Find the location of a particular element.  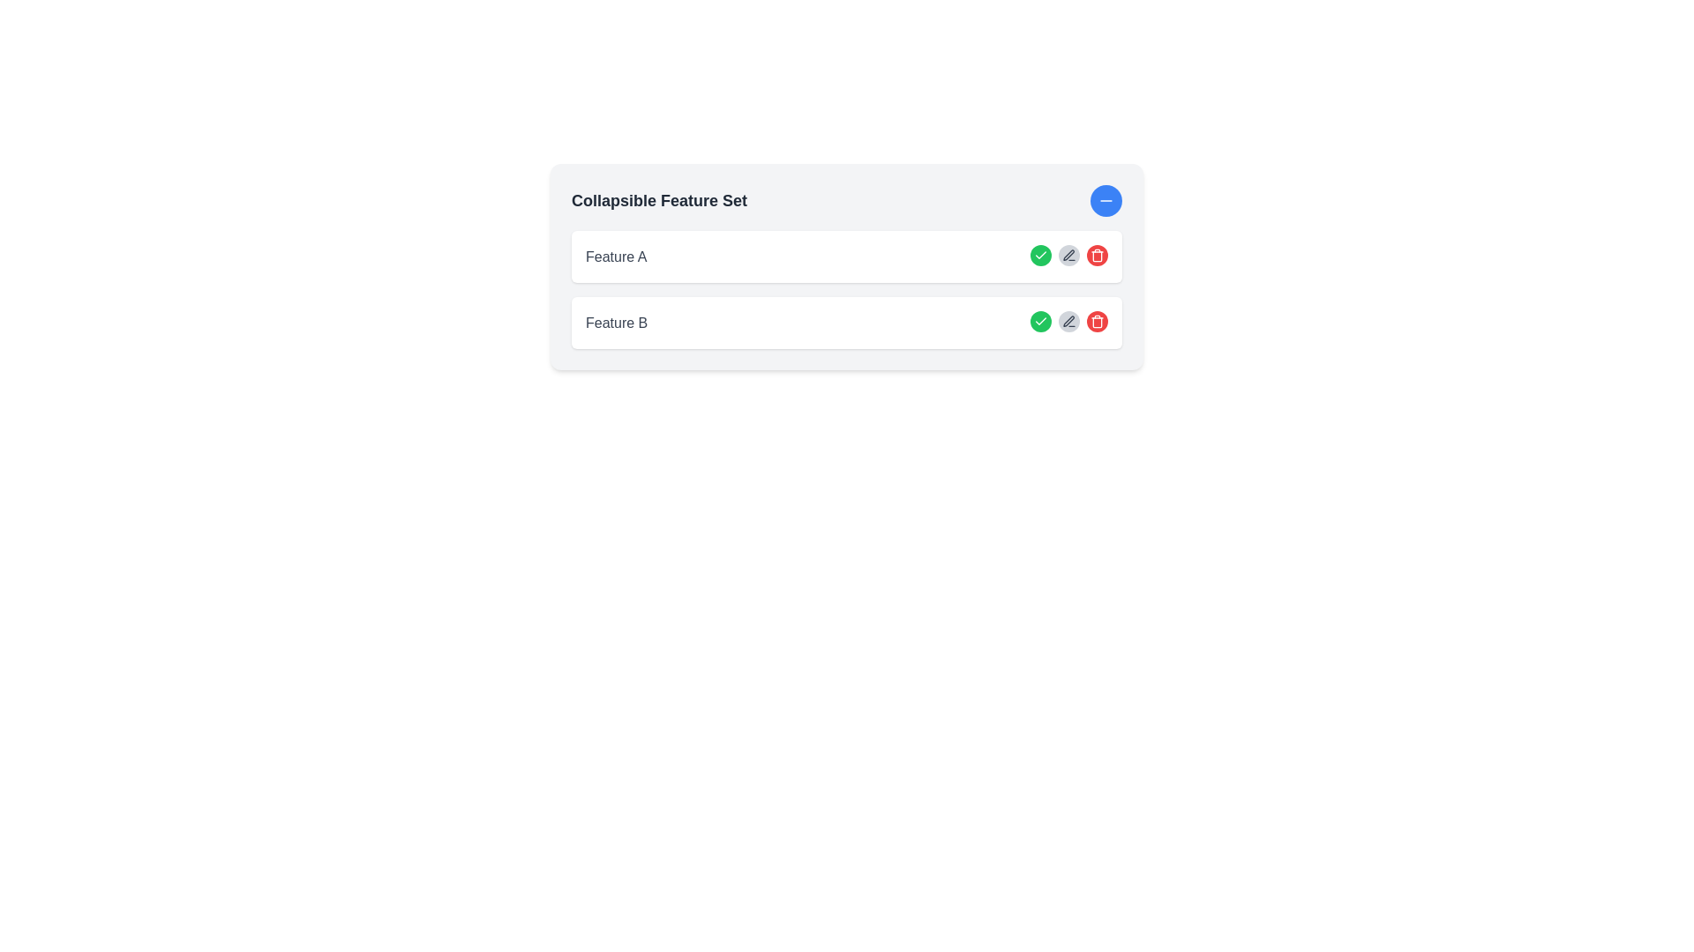

the trash can icon for the delete action associated with the row labeled 'Feature A' is located at coordinates (1096, 322).